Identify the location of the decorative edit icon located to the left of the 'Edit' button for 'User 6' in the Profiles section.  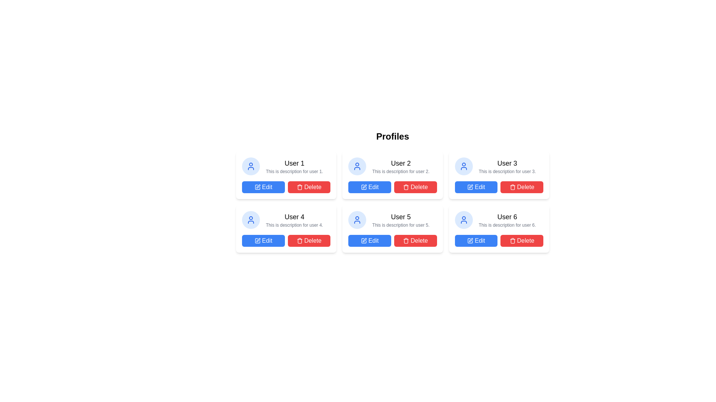
(470, 241).